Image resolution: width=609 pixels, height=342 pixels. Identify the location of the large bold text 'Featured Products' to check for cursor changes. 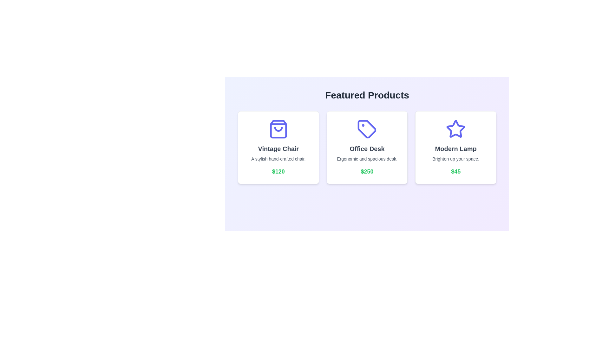
(367, 95).